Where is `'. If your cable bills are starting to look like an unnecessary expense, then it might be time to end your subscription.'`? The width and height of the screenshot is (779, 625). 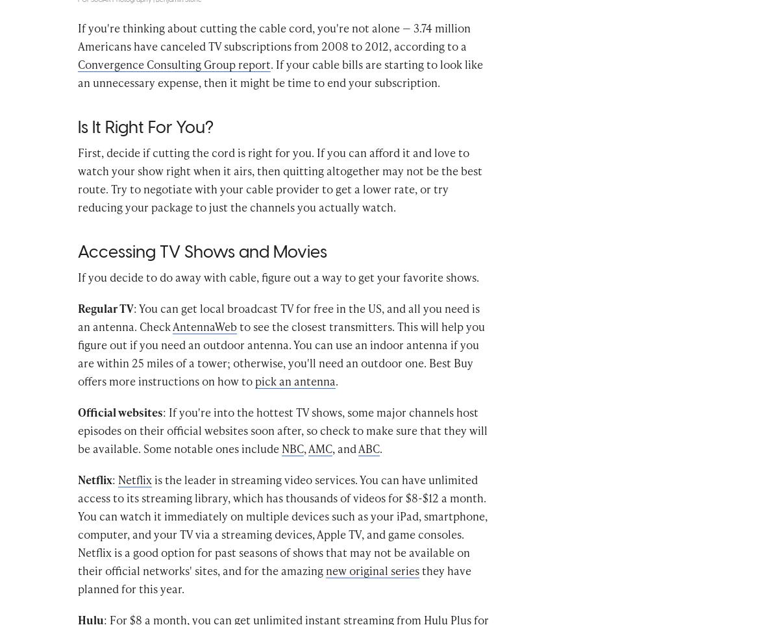 '. If your cable bills are starting to look like an unnecessary expense, then it might be time to end your subscription.' is located at coordinates (280, 92).